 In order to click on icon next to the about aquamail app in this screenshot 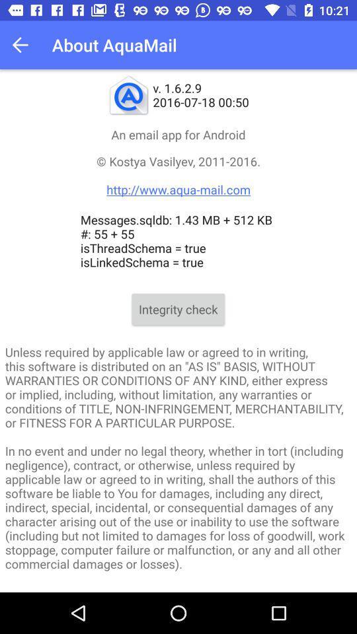, I will do `click(24, 45)`.